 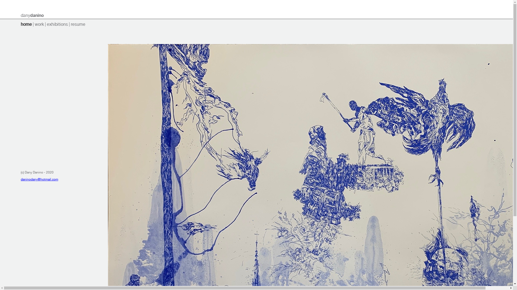 I want to click on 'danydanino', so click(x=32, y=15).